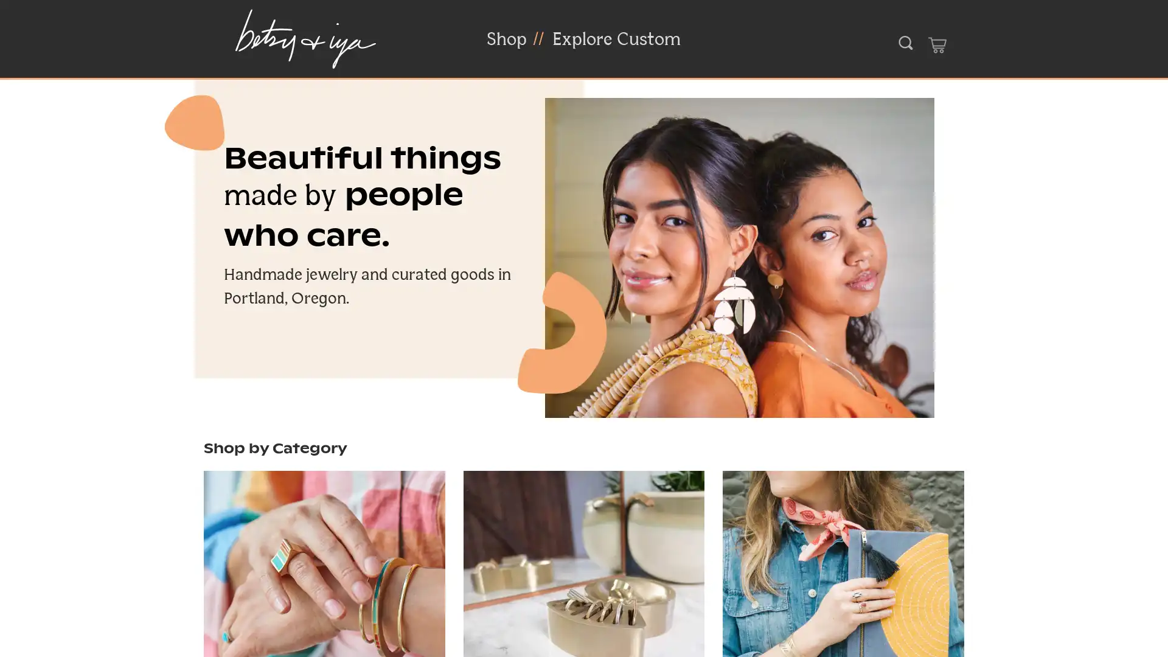  Describe the element at coordinates (507, 39) in the screenshot. I see `Shop` at that location.